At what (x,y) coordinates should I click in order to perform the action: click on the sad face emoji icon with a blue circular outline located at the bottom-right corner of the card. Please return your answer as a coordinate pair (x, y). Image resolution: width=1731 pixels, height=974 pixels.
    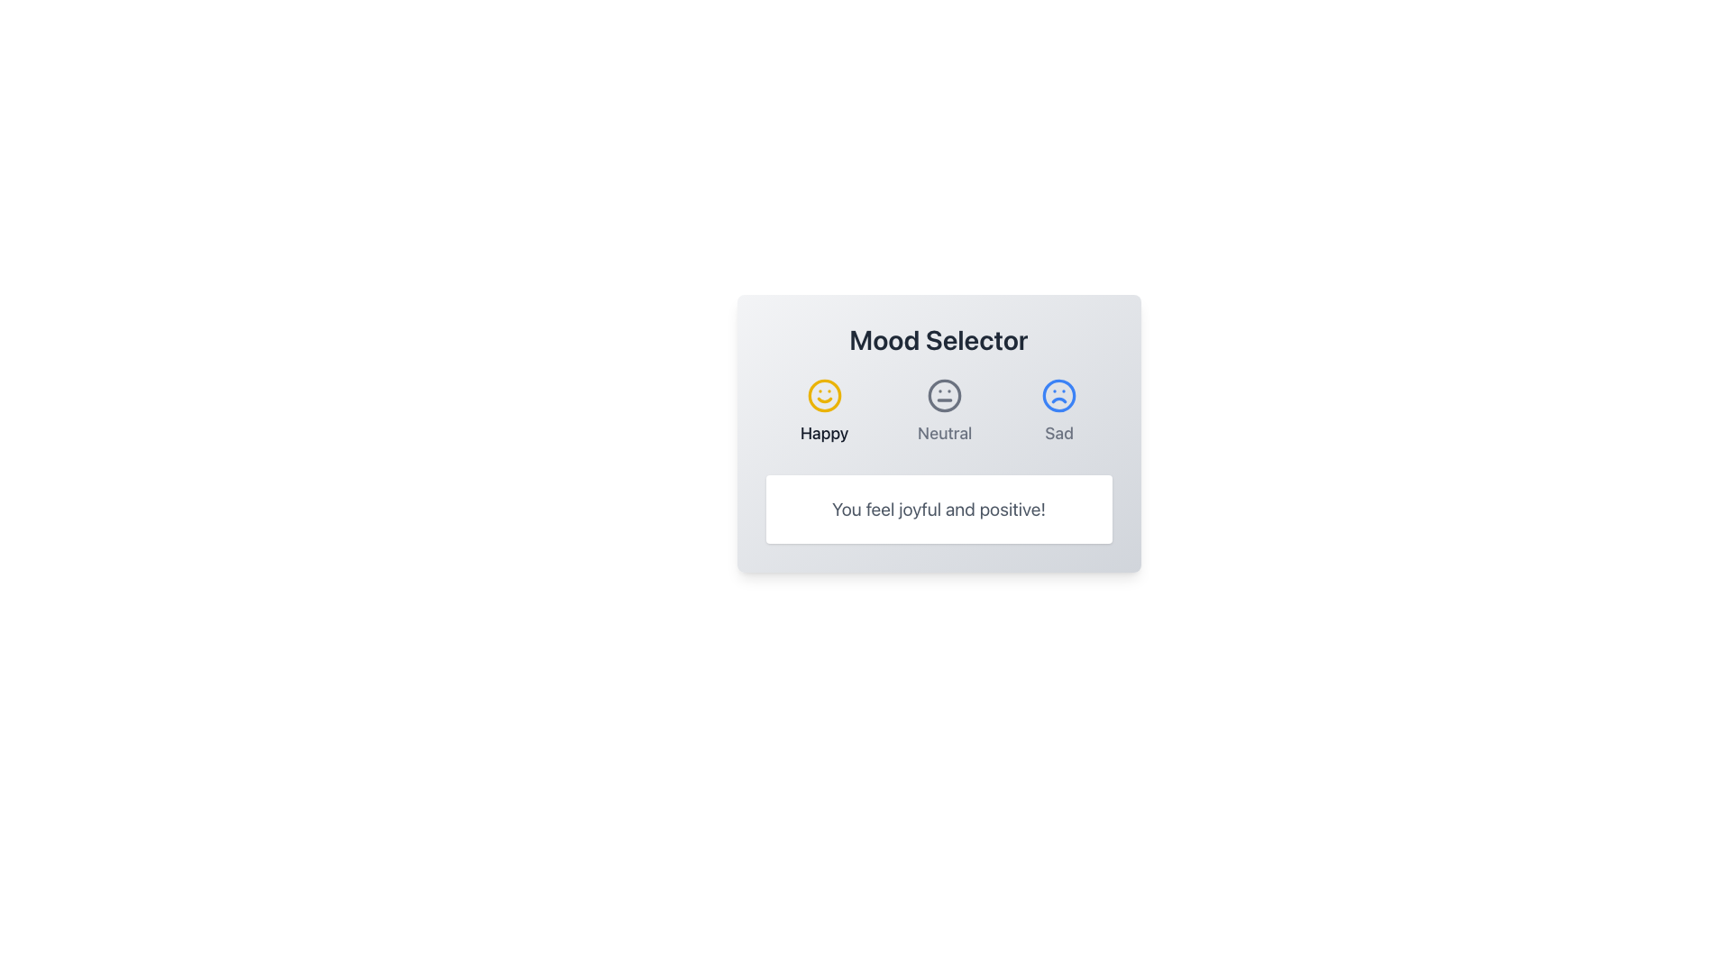
    Looking at the image, I should click on (1059, 395).